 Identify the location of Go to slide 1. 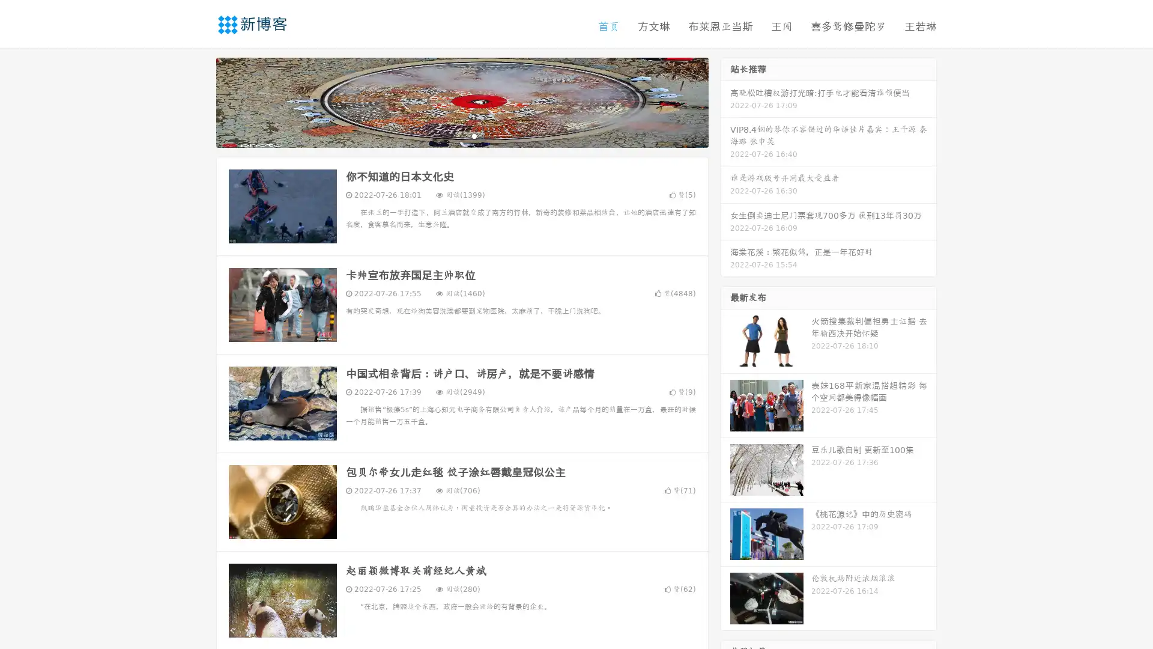
(449, 135).